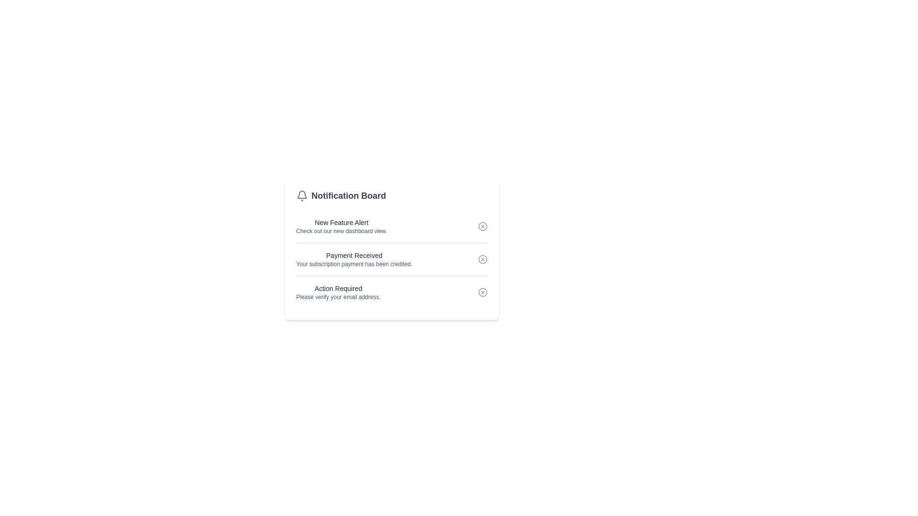  Describe the element at coordinates (348, 195) in the screenshot. I see `the text label saying 'Notification Board', which is a large bold gray font positioned at the top of the notification interface card` at that location.